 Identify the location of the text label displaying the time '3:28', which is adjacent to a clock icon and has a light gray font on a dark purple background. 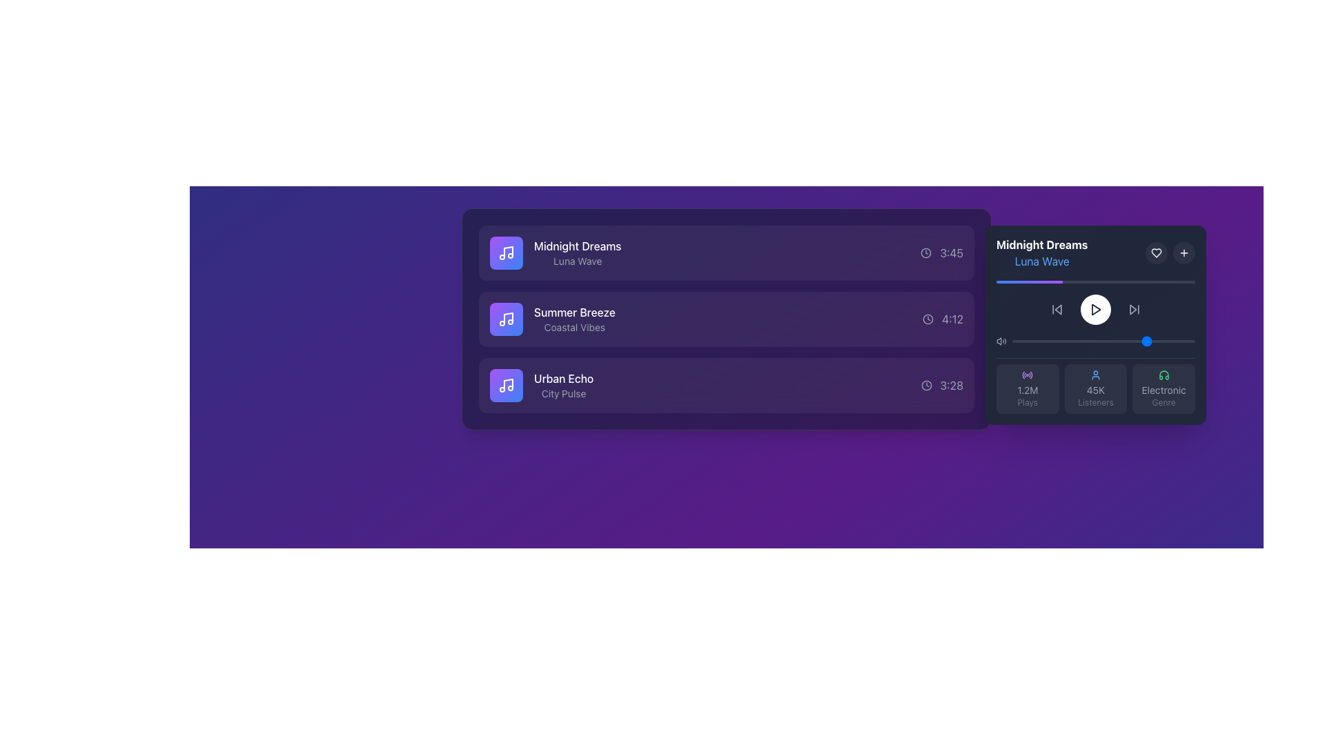
(951, 386).